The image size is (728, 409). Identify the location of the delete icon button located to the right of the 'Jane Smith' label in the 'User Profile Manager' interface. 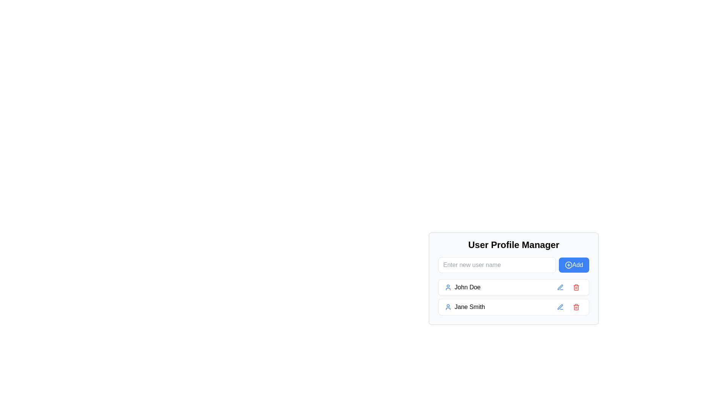
(576, 287).